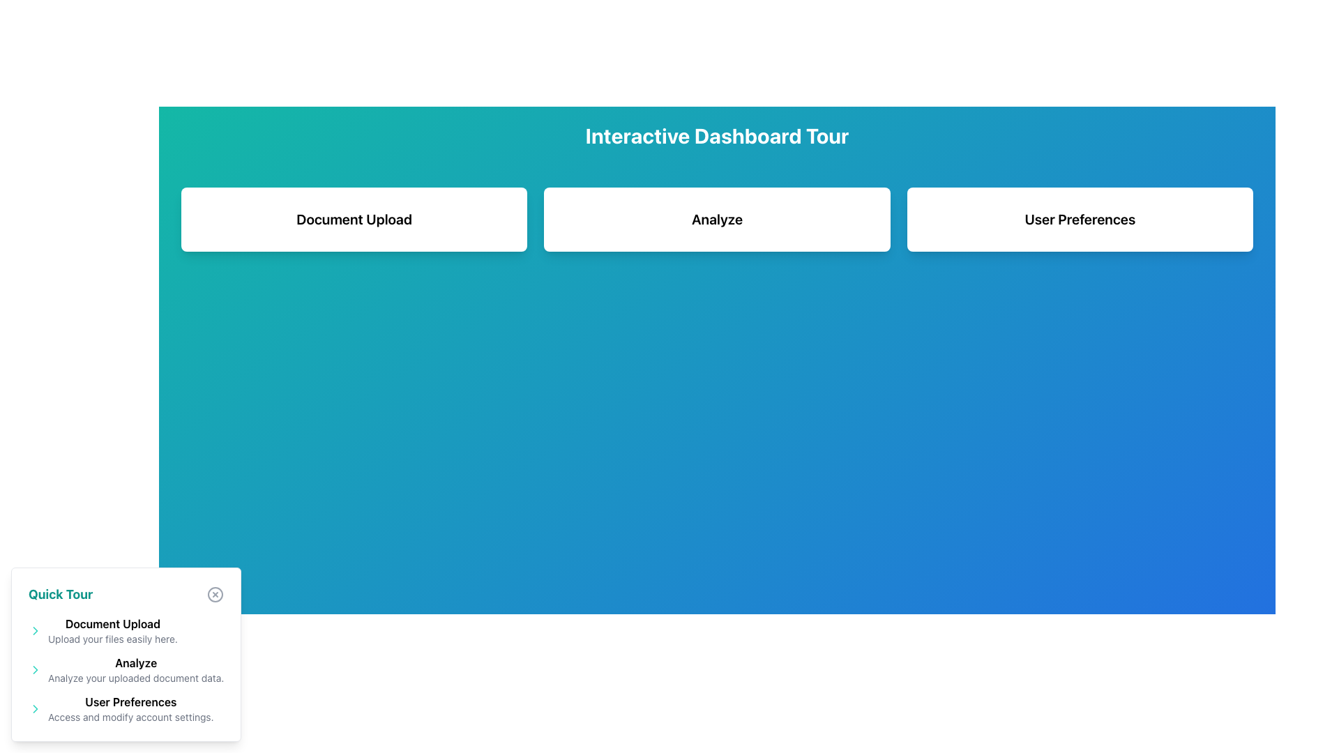 This screenshot has width=1339, height=753. I want to click on the 'Document Upload' text label, which is the first label in the 'Quick Tour' information card, positioned above a smaller description text, so click(112, 623).